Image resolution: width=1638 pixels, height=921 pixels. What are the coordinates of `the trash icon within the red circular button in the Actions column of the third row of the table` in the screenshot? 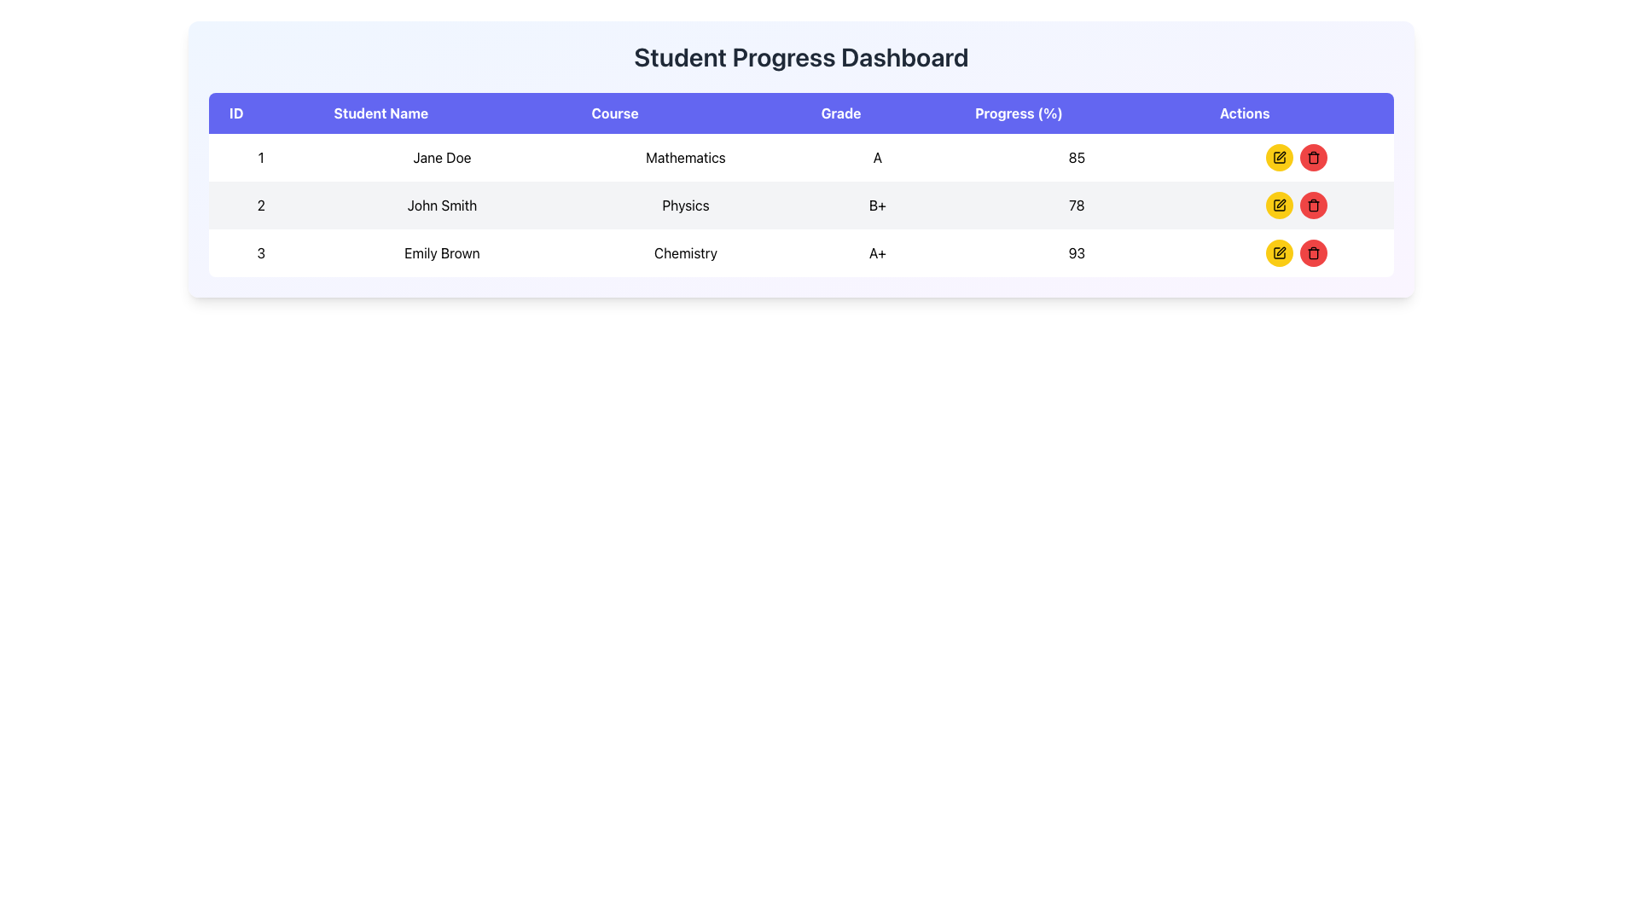 It's located at (1312, 158).